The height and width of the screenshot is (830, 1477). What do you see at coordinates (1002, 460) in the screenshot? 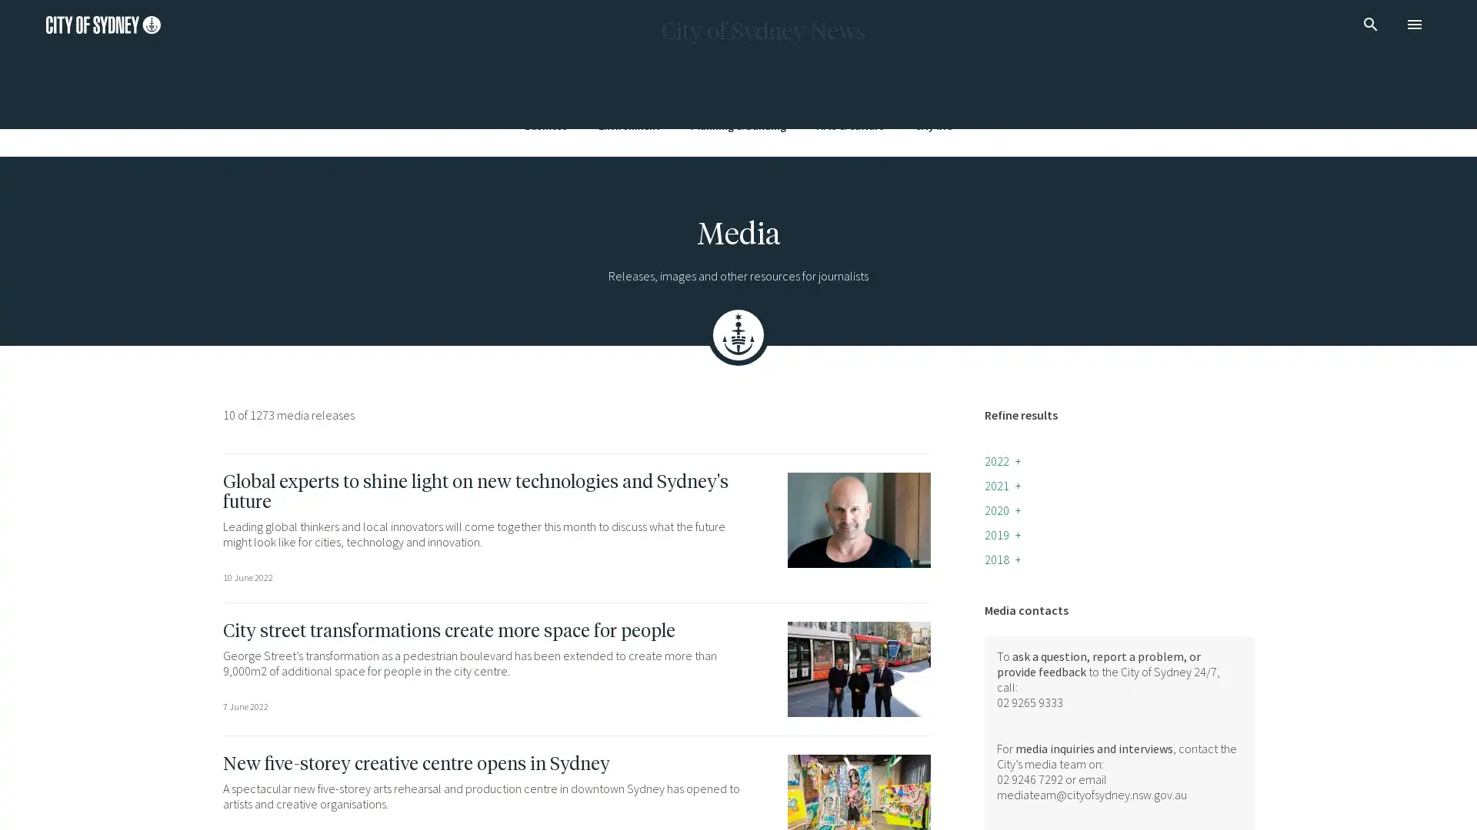
I see `2022+` at bounding box center [1002, 460].